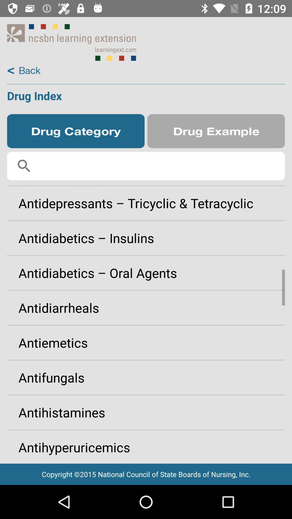 Image resolution: width=292 pixels, height=519 pixels. What do you see at coordinates (146, 445) in the screenshot?
I see `the antihyperuricemics app` at bounding box center [146, 445].